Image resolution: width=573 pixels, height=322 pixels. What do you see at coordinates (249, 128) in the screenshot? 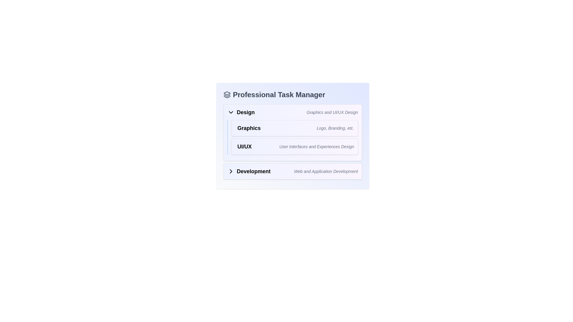
I see `the Text Label that identifies the 'Graphics' category, positioned as the first item in the submenu under the 'Design' category` at bounding box center [249, 128].